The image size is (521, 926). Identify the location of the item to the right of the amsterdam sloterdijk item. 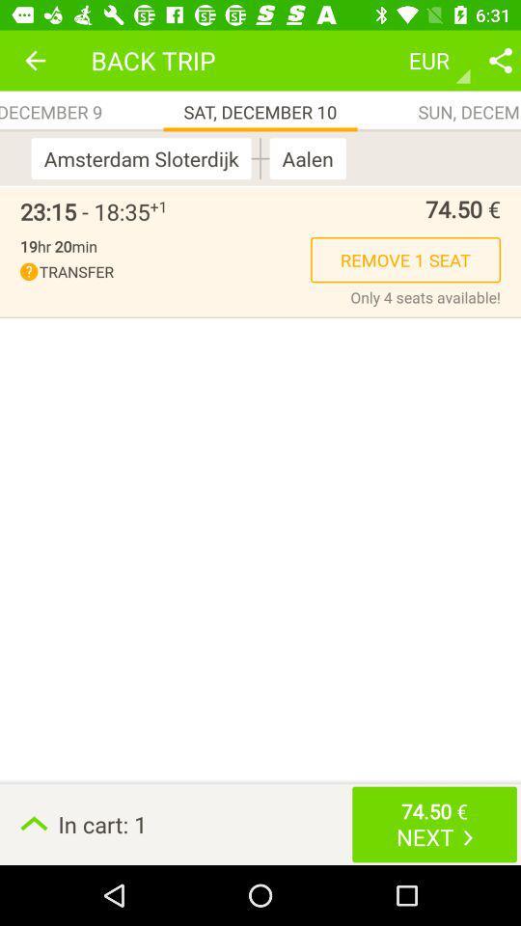
(260, 157).